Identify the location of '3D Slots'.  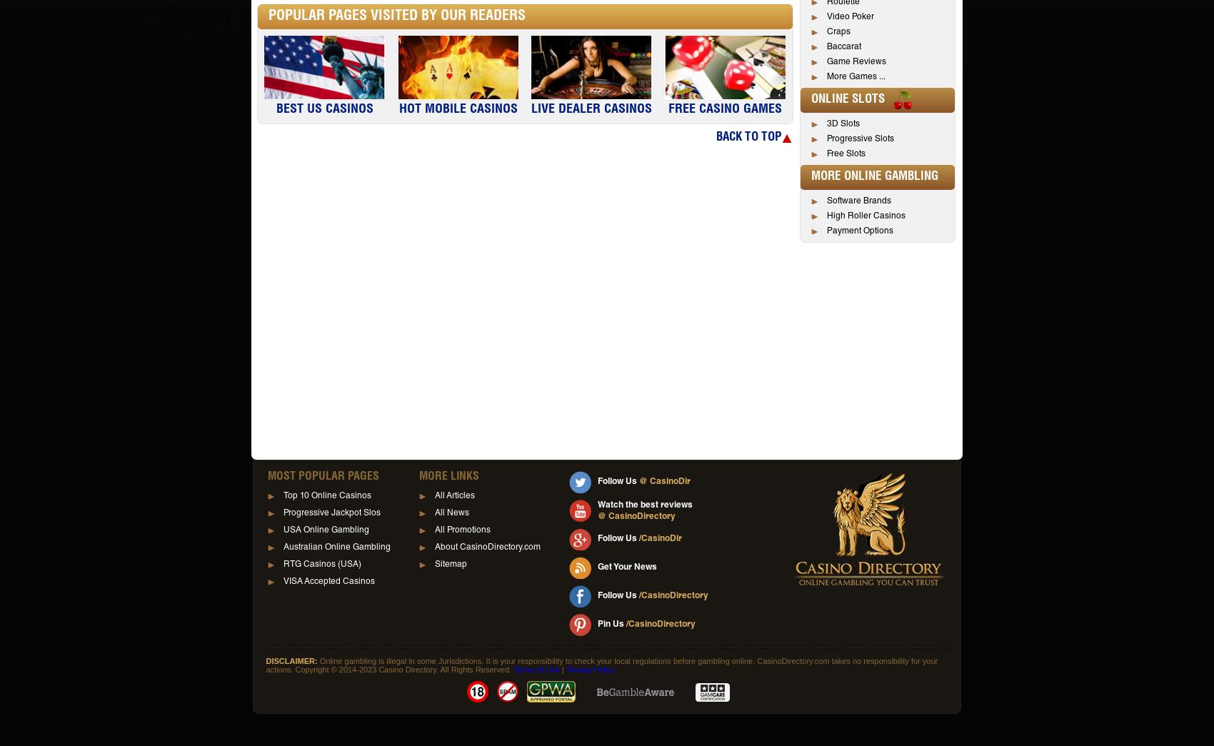
(842, 123).